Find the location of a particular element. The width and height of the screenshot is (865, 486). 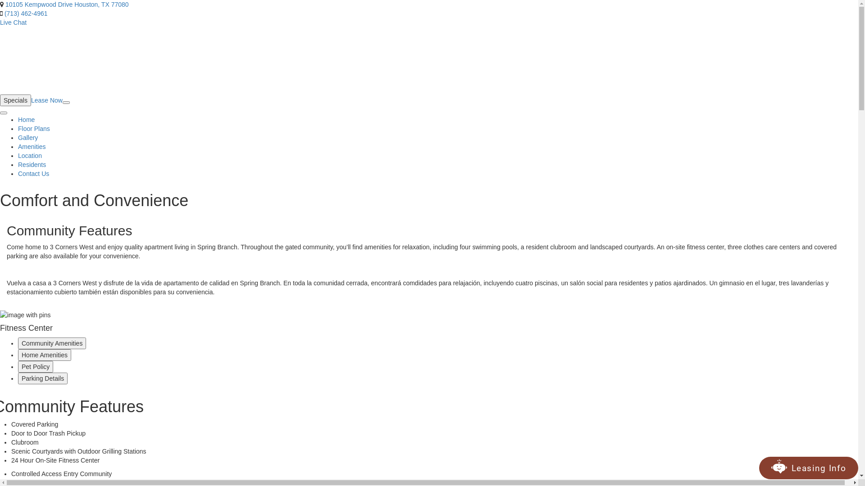

'Specials' is located at coordinates (15, 100).